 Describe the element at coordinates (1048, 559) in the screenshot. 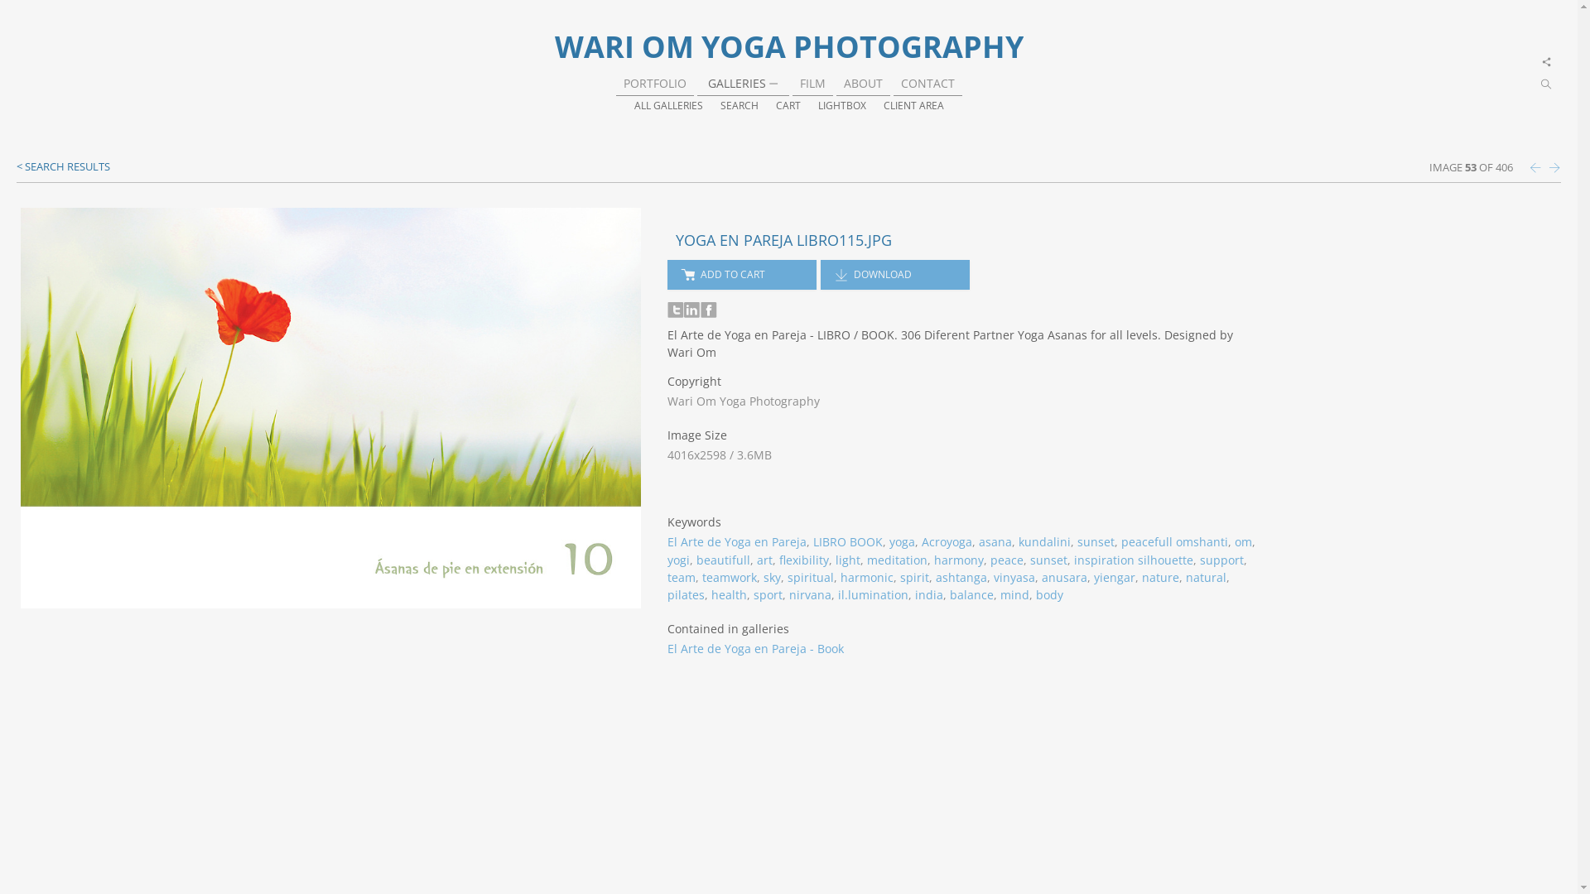

I see `'sunset'` at that location.